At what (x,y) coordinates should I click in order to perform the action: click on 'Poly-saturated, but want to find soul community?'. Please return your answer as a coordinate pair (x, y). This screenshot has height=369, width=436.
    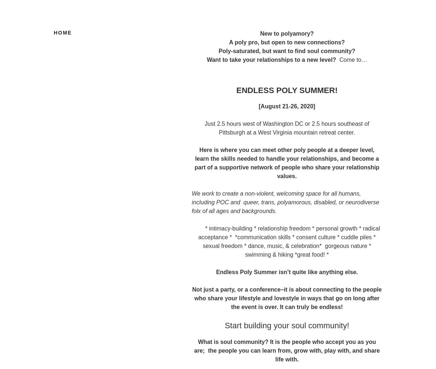
    Looking at the image, I should click on (286, 51).